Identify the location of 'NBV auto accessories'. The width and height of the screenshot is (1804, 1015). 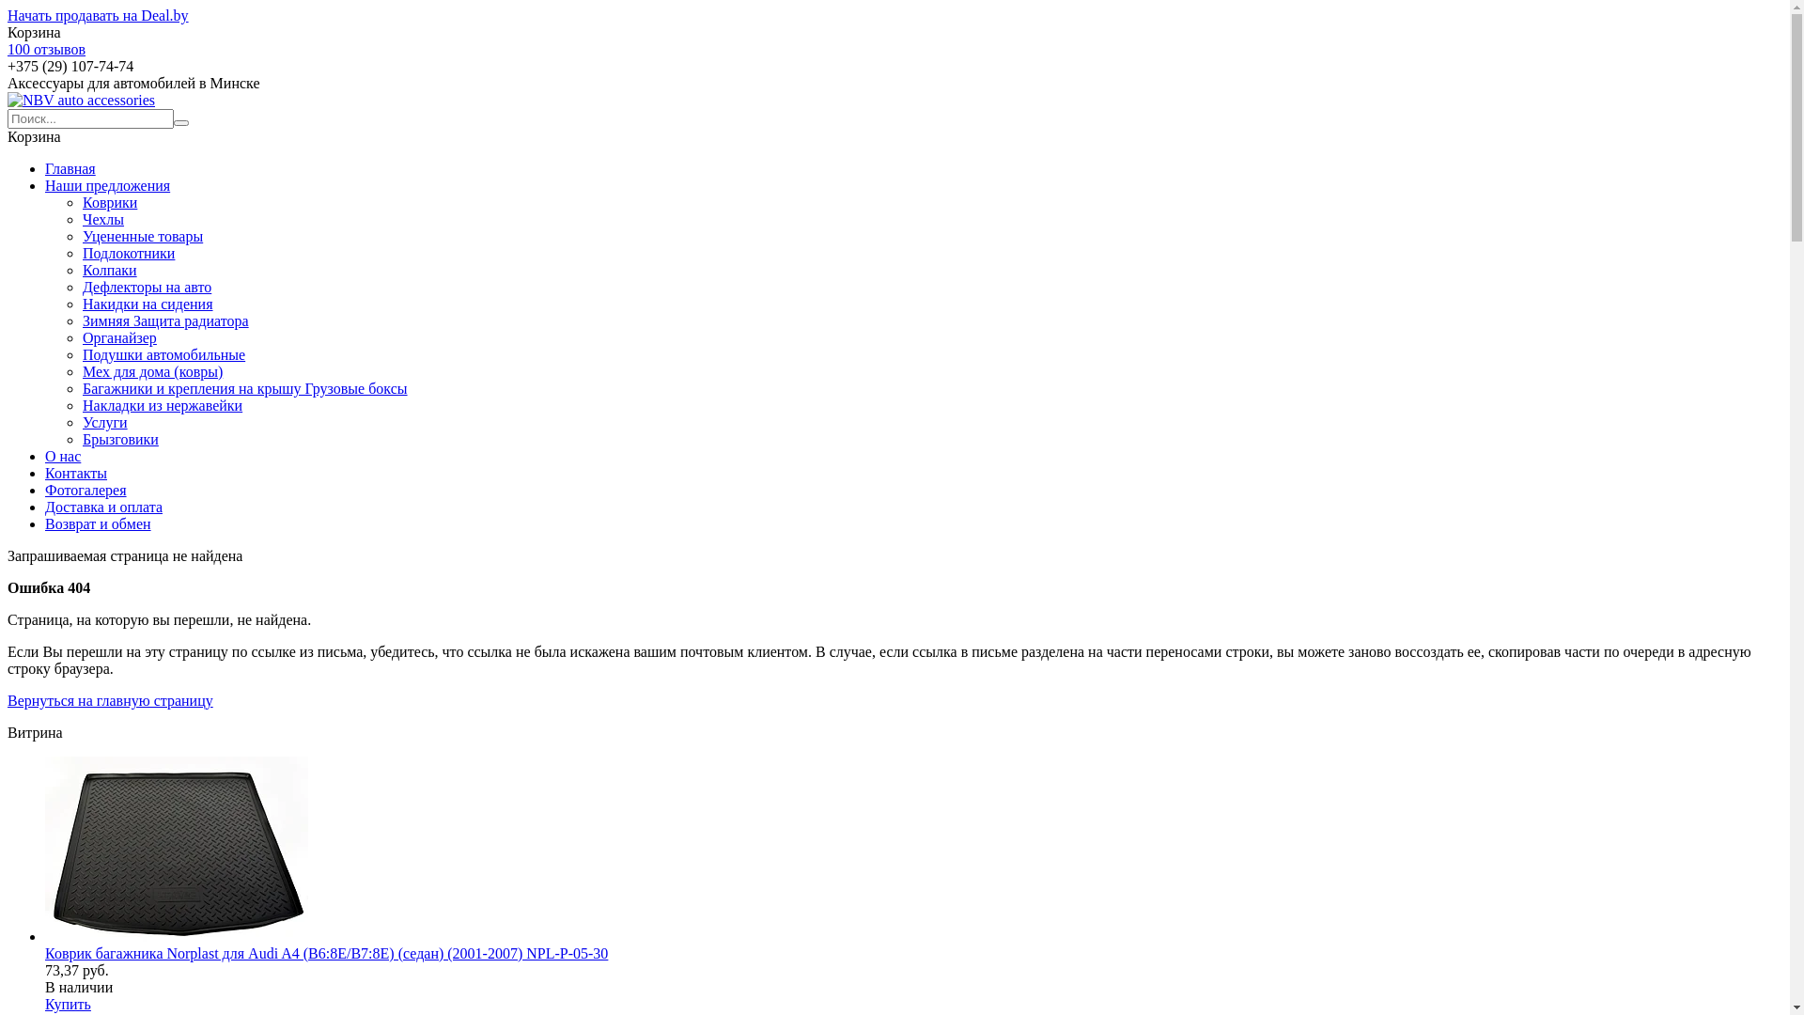
(80, 100).